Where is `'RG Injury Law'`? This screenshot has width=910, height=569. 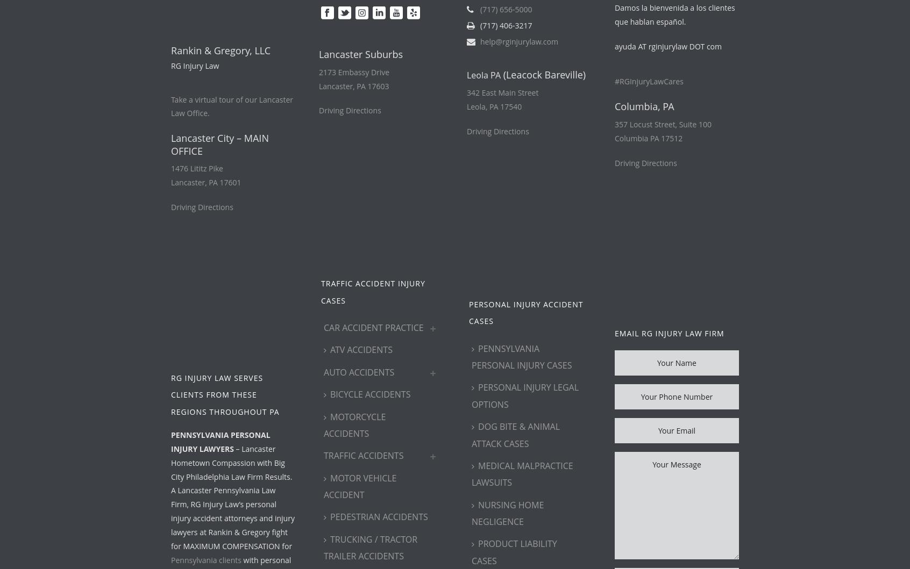
'RG Injury Law' is located at coordinates (195, 65).